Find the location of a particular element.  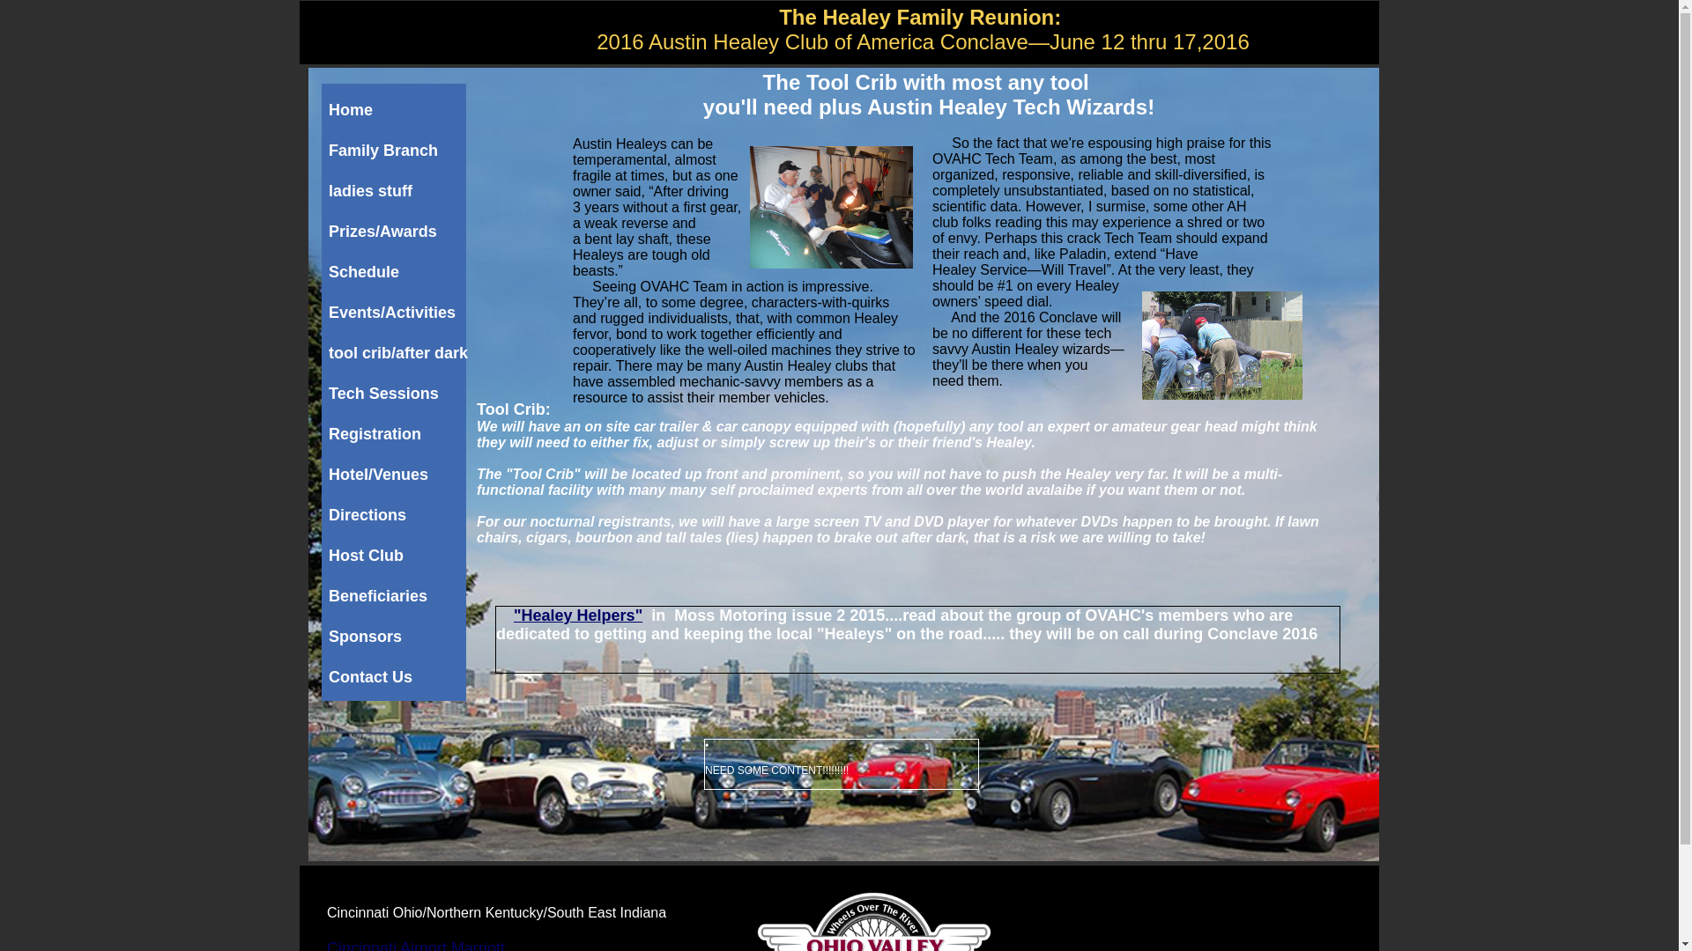

'Prizes/Awards' is located at coordinates (397, 231).